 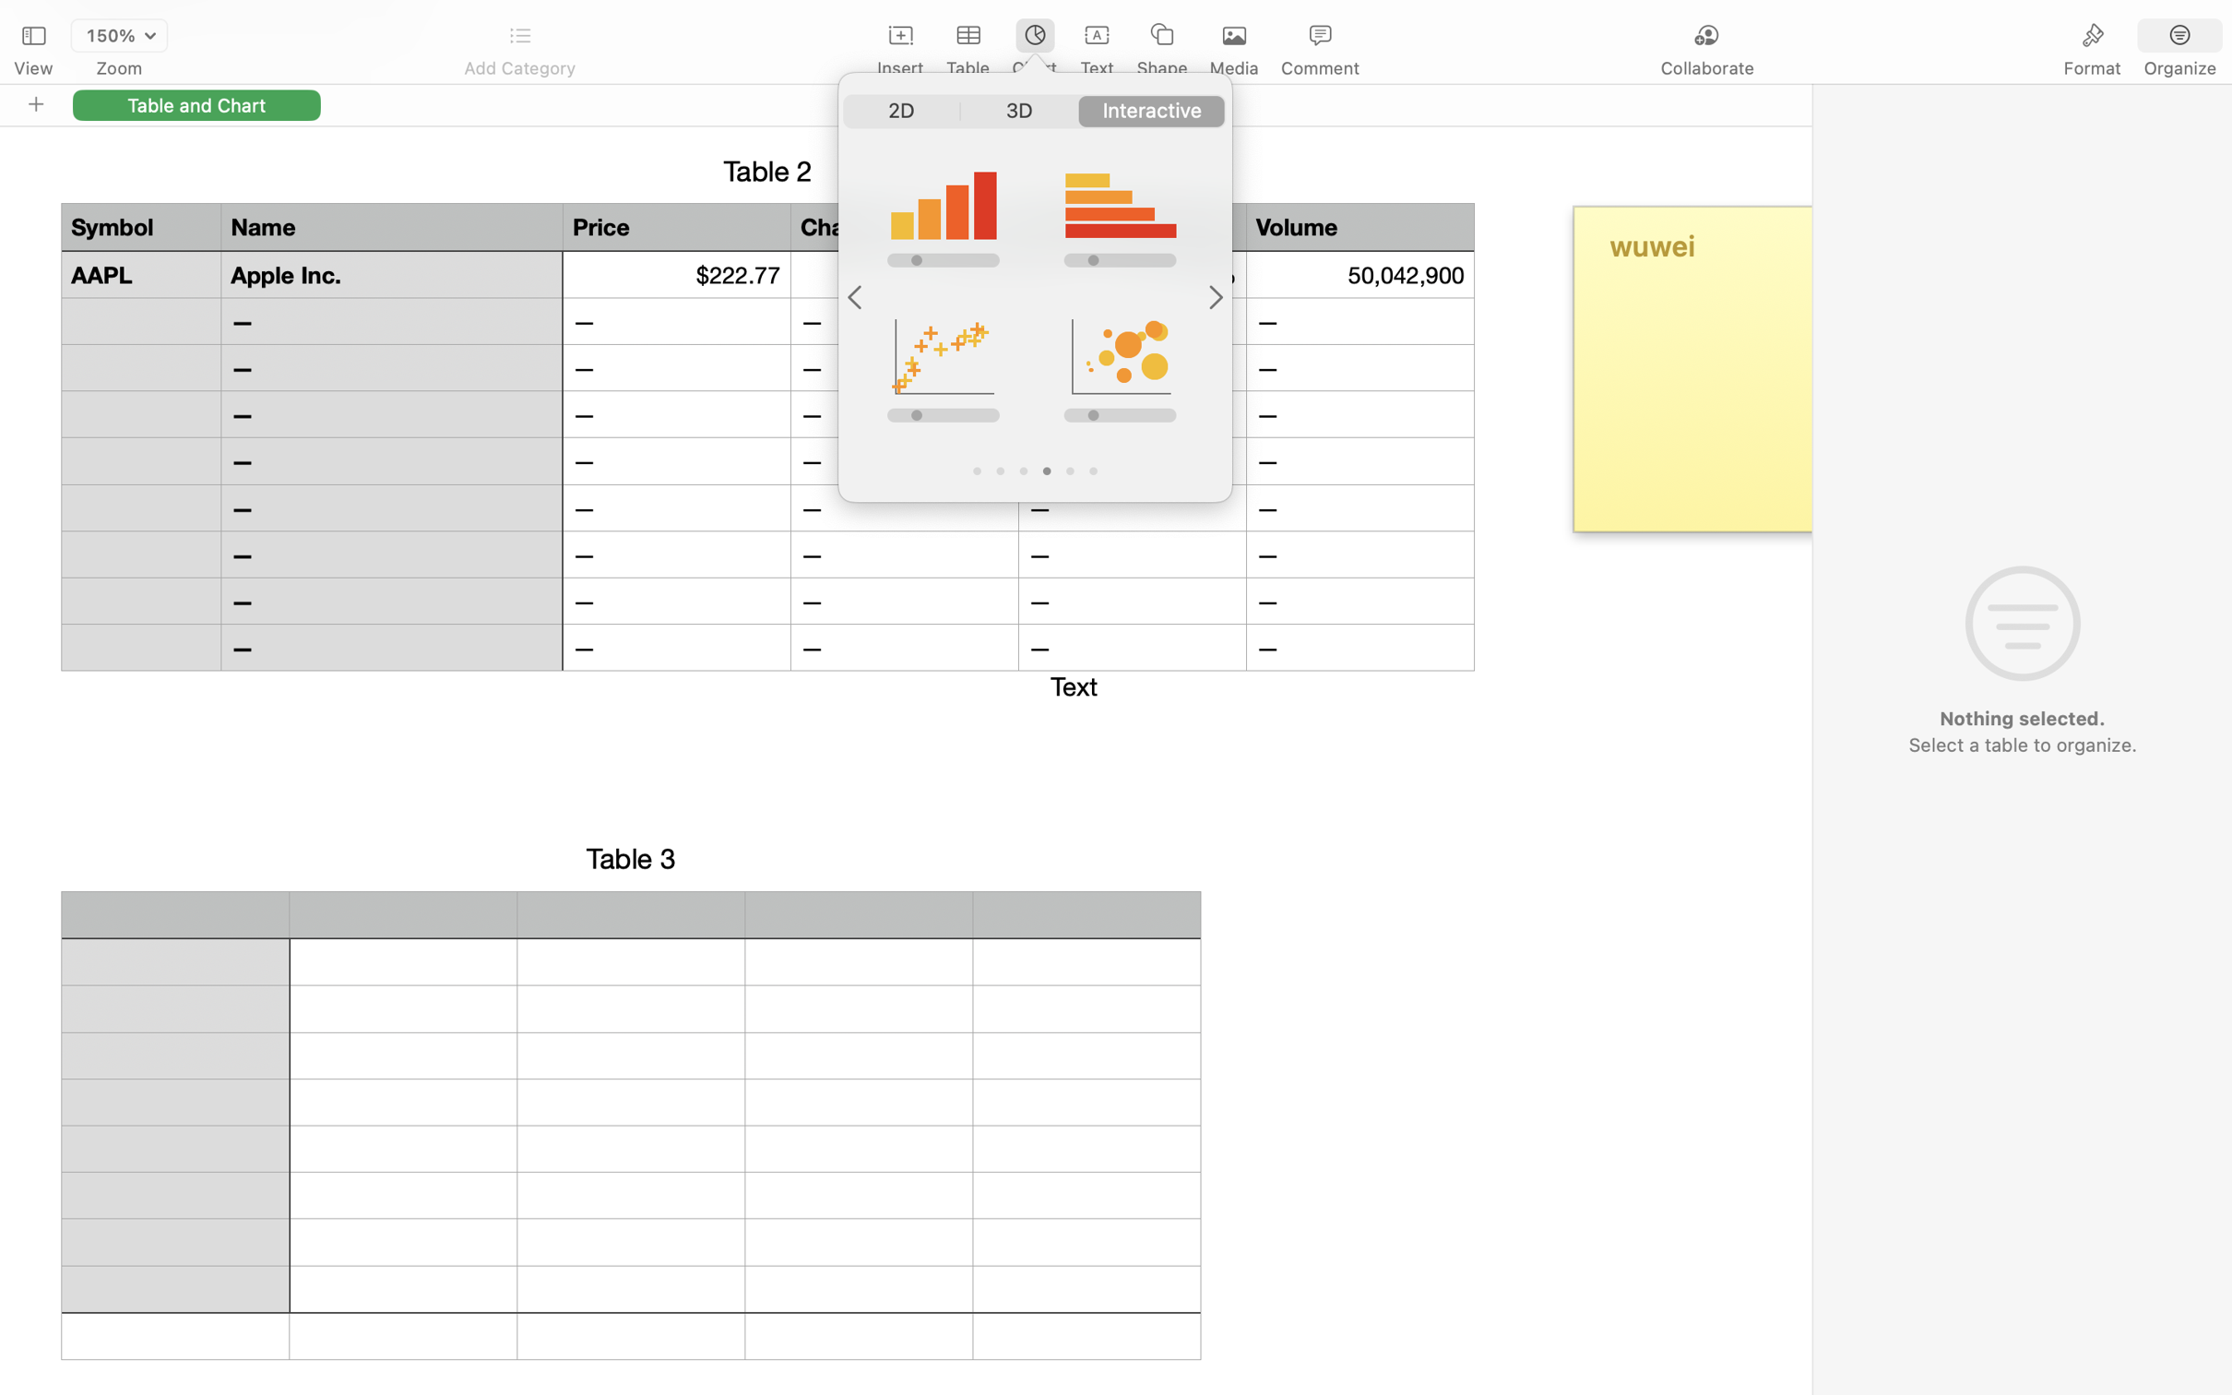 What do you see at coordinates (2021, 719) in the screenshot?
I see `'Nothing selected.'` at bounding box center [2021, 719].